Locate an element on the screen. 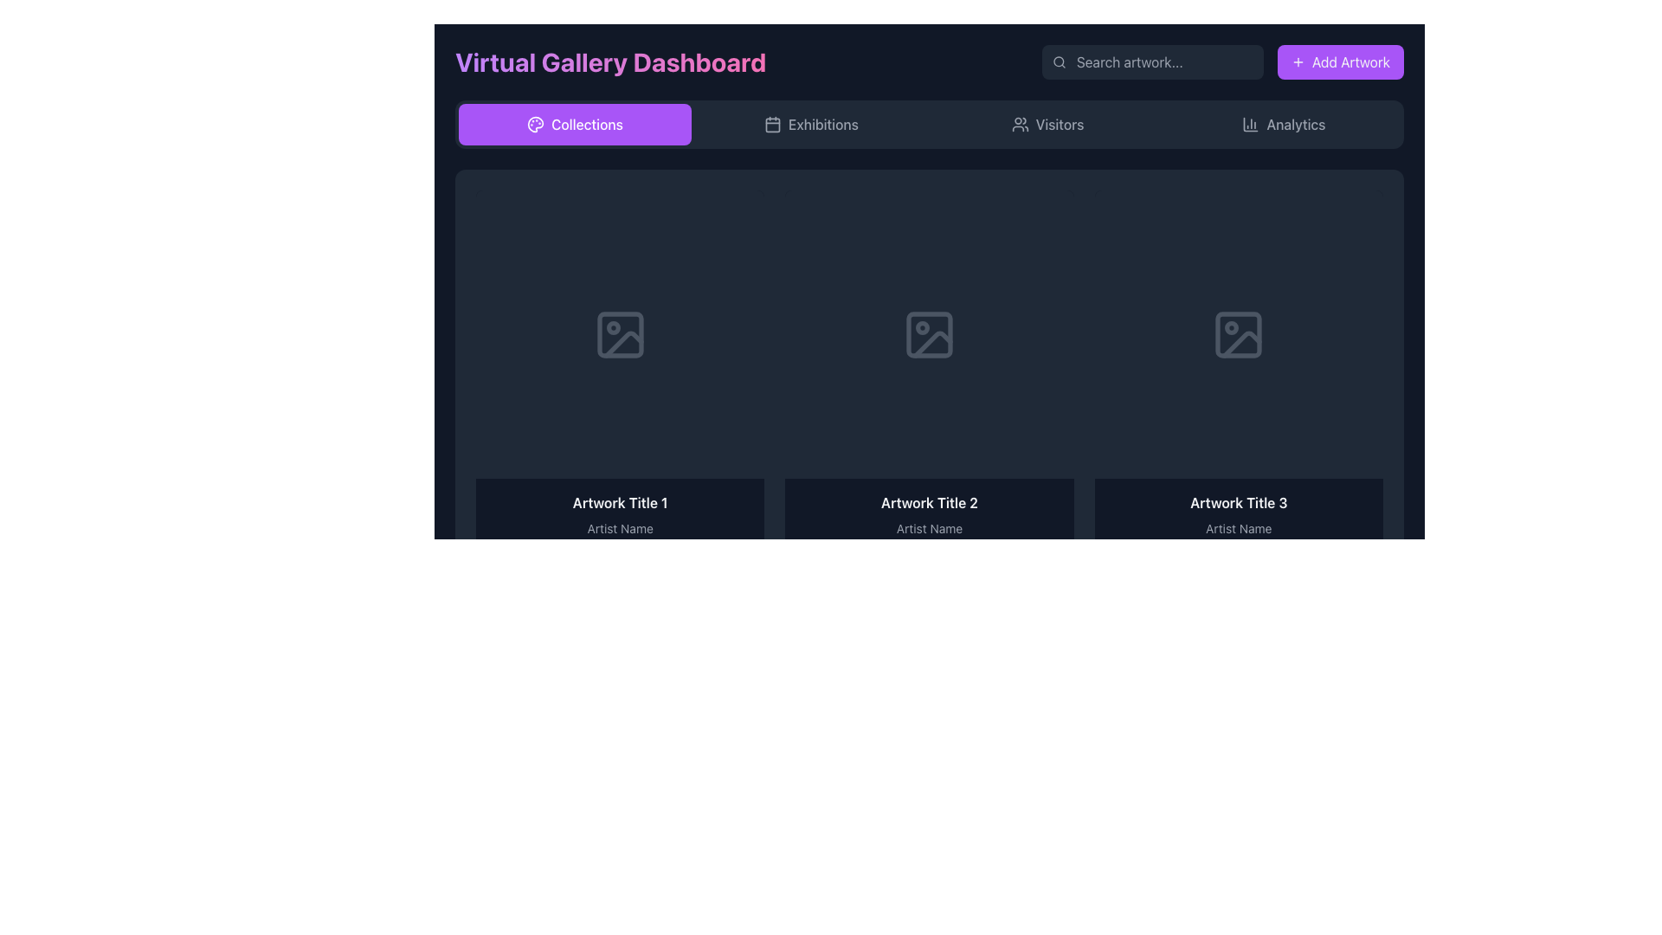 The image size is (1662, 935). the Interactive card component representing an artwork item in the virtual gallery dashboard, located in the top row, second position from the left is located at coordinates (929, 382).